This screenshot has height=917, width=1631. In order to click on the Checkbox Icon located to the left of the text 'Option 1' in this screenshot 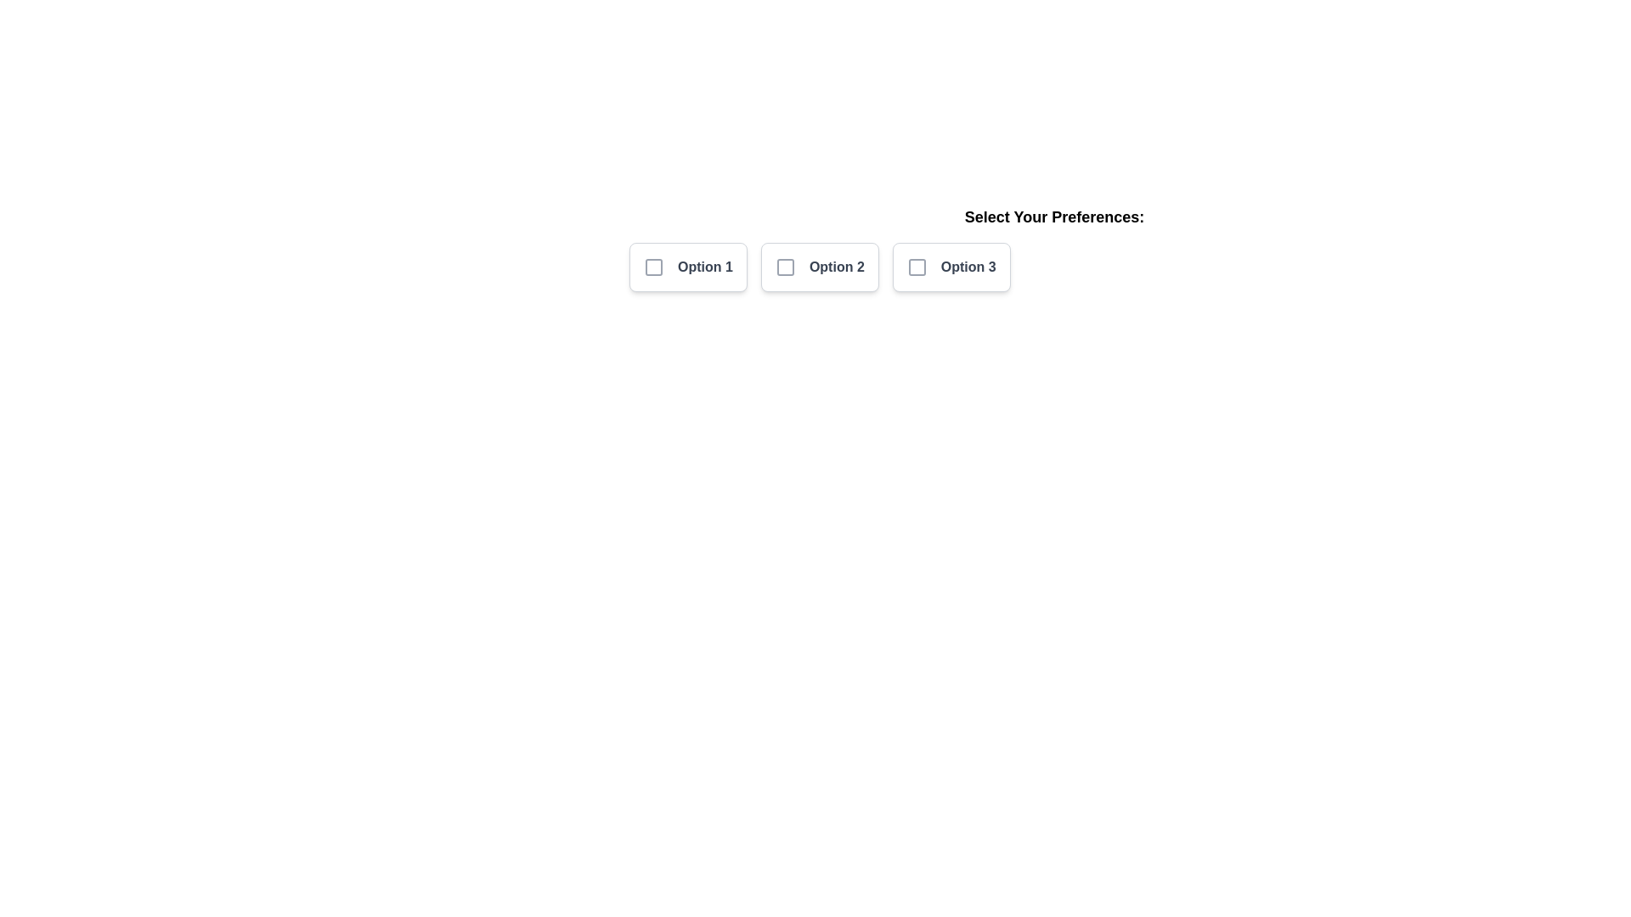, I will do `click(652, 267)`.